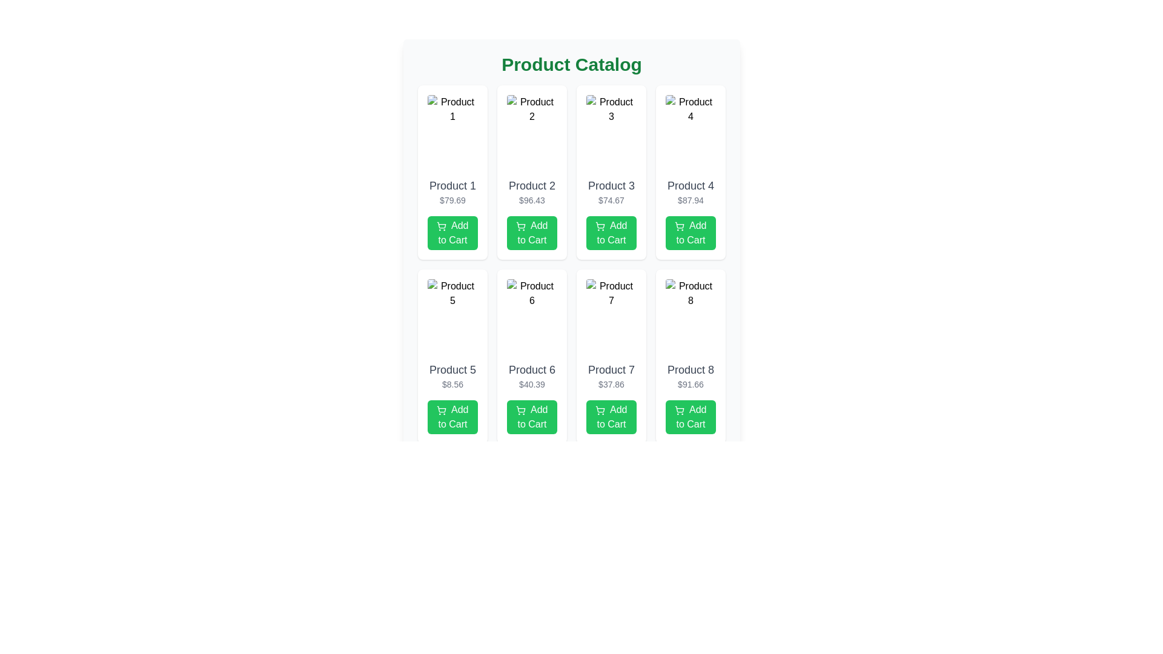 Image resolution: width=1163 pixels, height=654 pixels. Describe the element at coordinates (600, 225) in the screenshot. I see `the shopping cart icon within the 'Add to Cart' button for Product 3 in the catalog layout` at that location.